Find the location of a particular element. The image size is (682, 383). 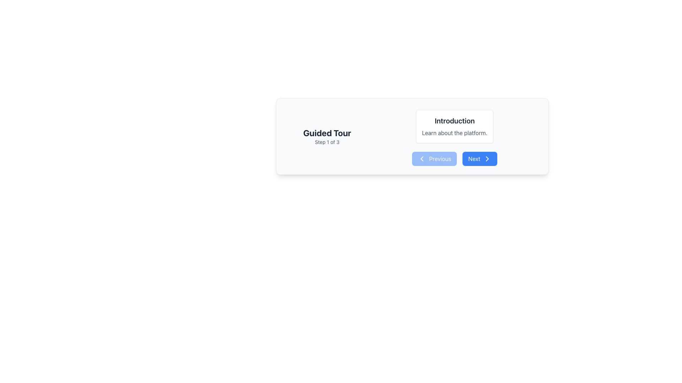

the leftmost navigation button located at the bottom of the main panel is located at coordinates (434, 158).